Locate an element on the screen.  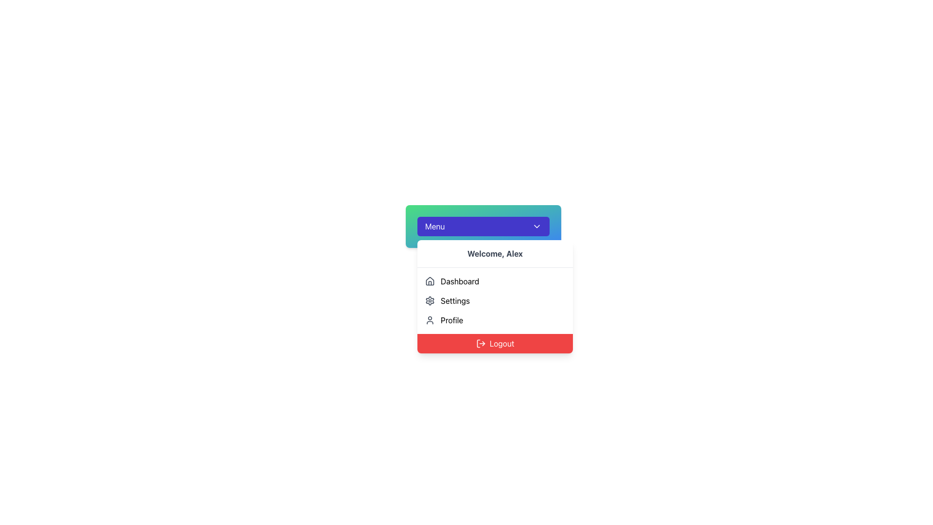
the house icon, which features a triangular roof and rectangular base, located next to the 'Dashboard' text in the menu structure is located at coordinates (429, 281).